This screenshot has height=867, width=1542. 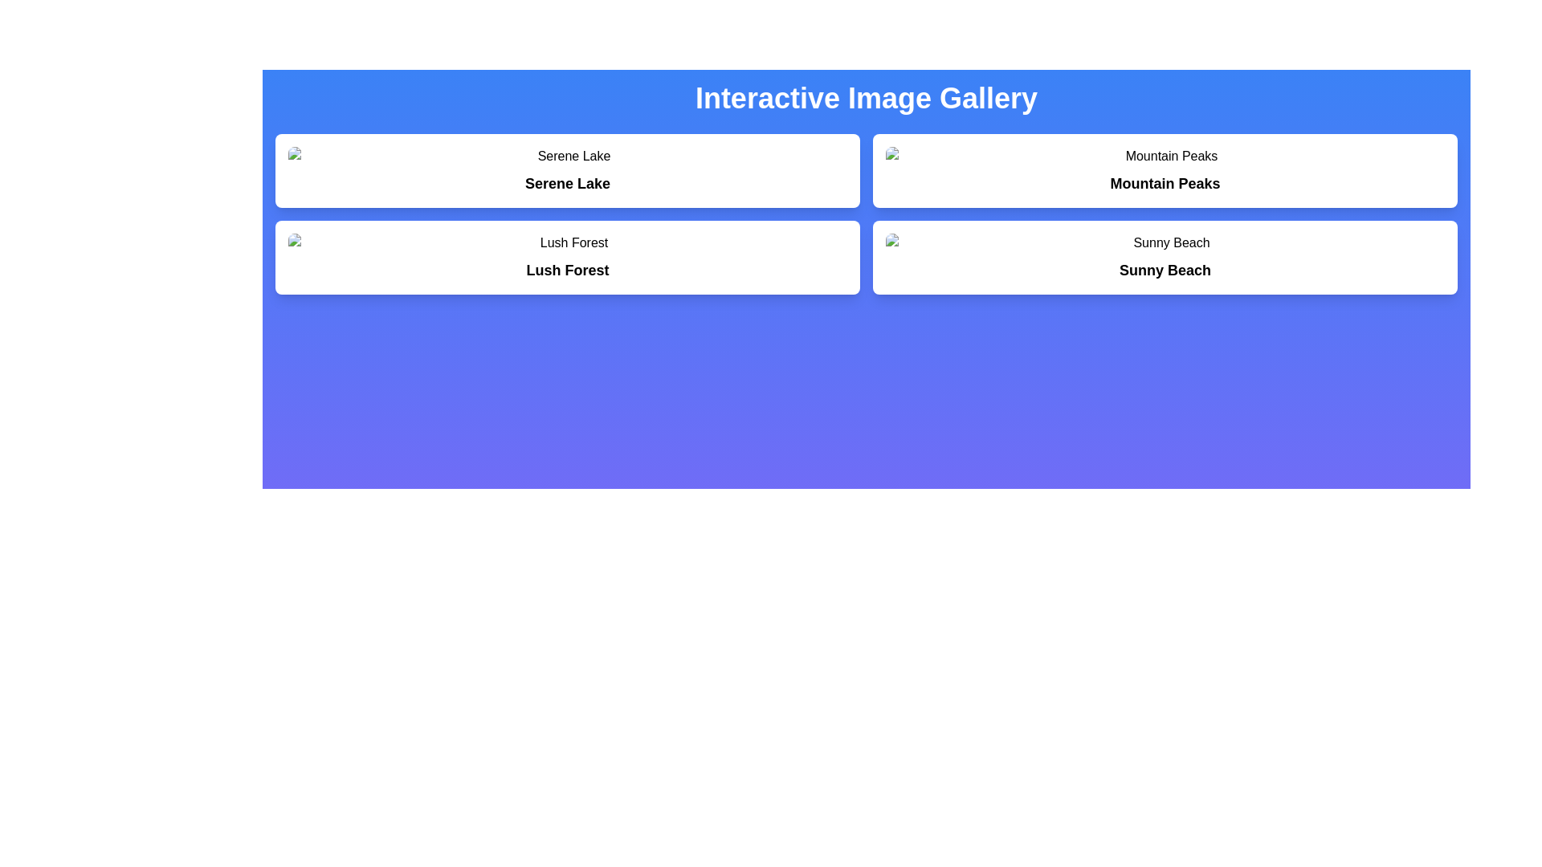 I want to click on the image displaying 'Serene Lake' located in the top-left white card of the 'Interactive Image Gallery', so click(x=567, y=157).